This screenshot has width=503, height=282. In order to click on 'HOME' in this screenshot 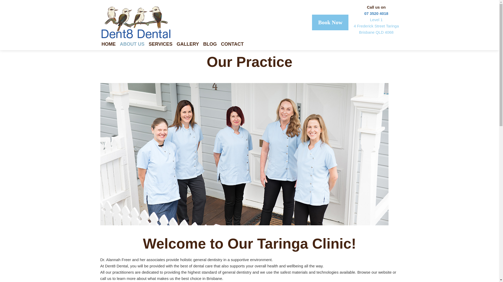, I will do `click(110, 45)`.